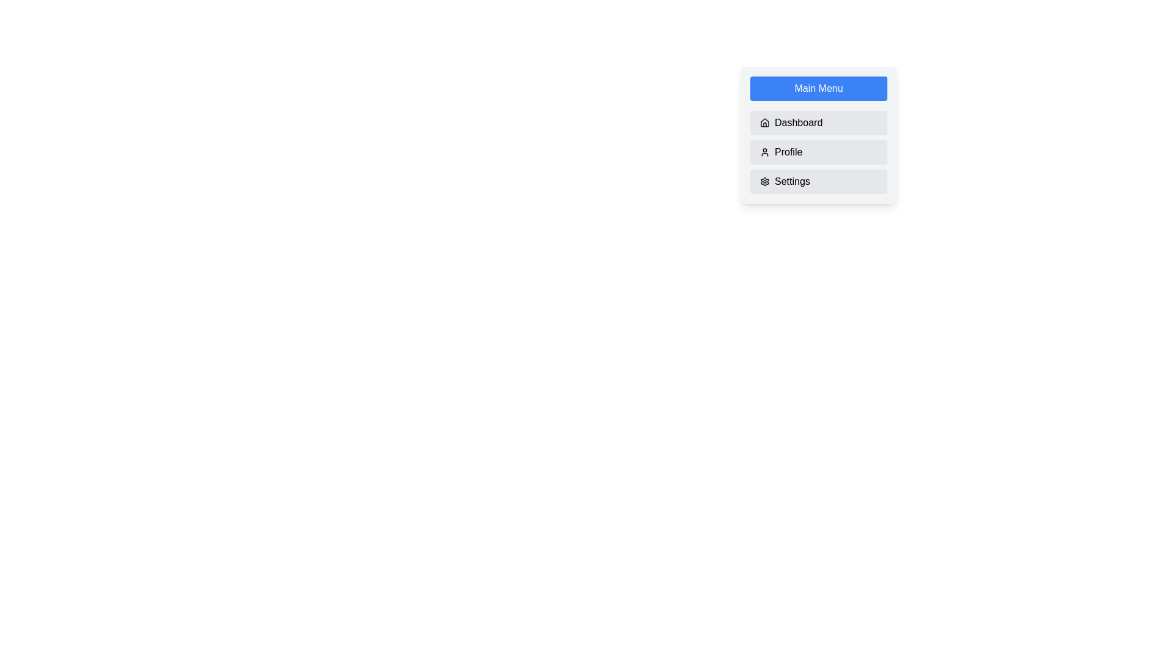 Image resolution: width=1175 pixels, height=661 pixels. Describe the element at coordinates (819, 88) in the screenshot. I see `'Main Menu' button to toggle the menu visibility` at that location.